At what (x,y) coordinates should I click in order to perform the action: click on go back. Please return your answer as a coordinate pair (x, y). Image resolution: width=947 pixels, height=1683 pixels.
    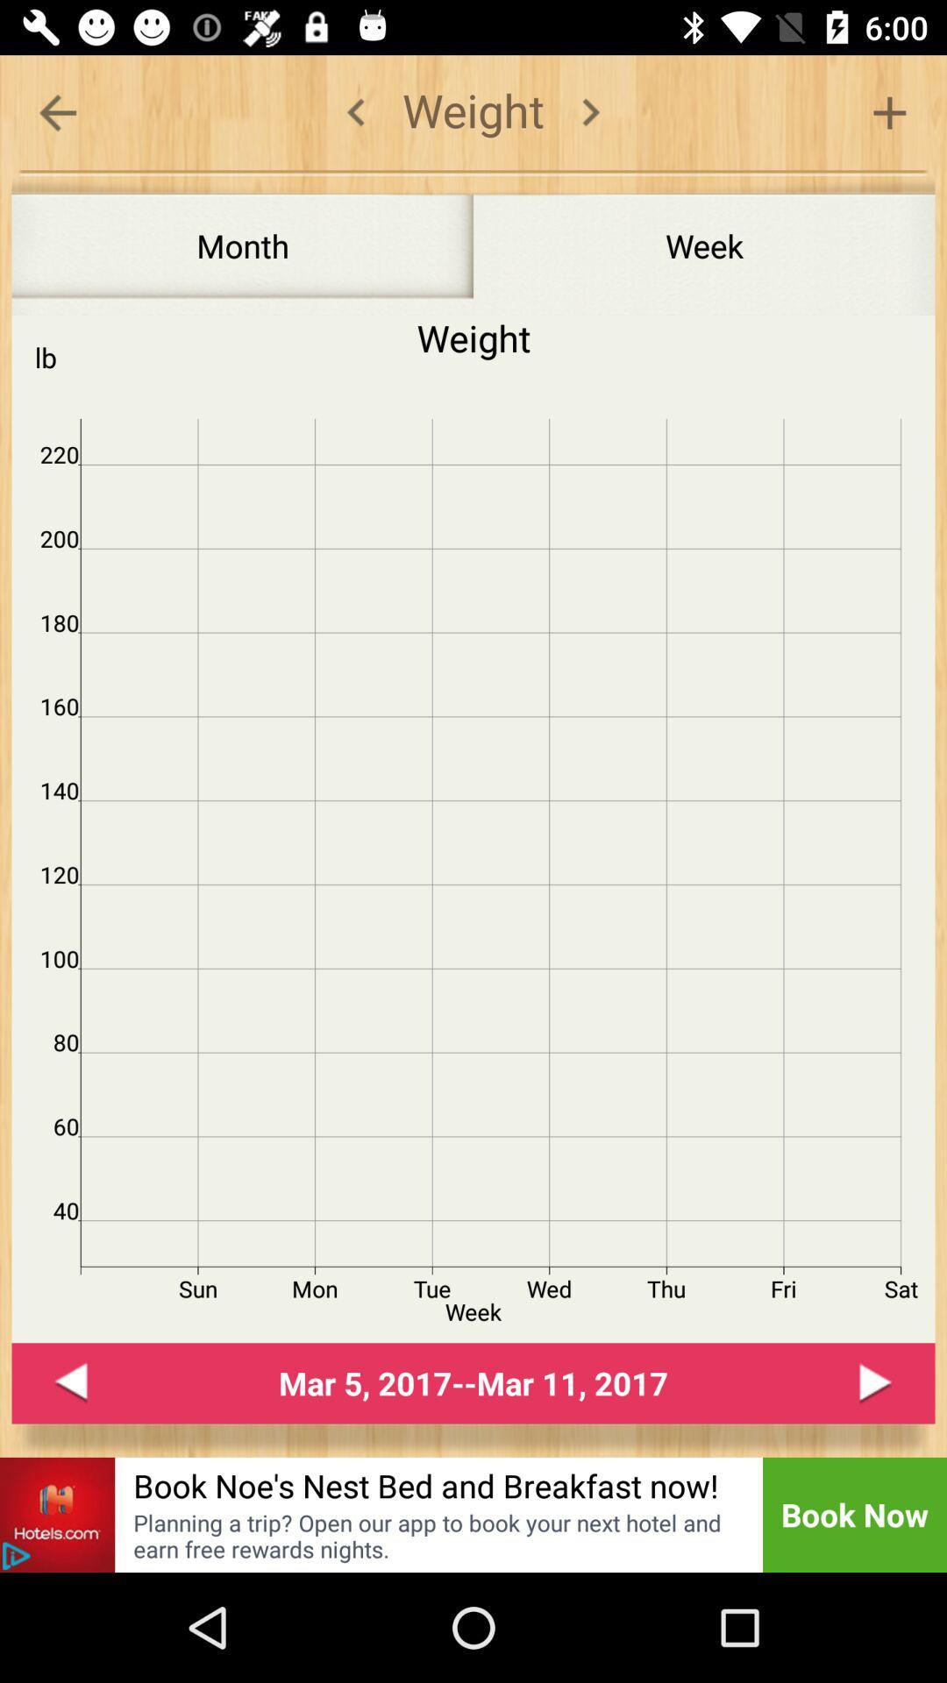
    Looking at the image, I should click on (16, 1556).